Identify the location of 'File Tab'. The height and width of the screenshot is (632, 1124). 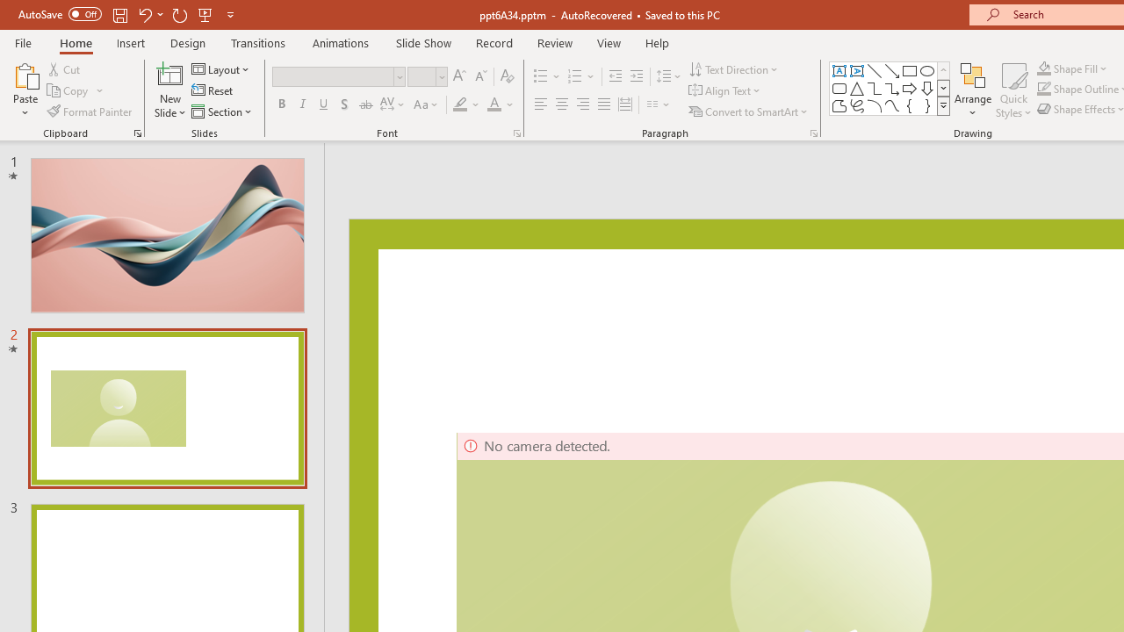
(23, 41).